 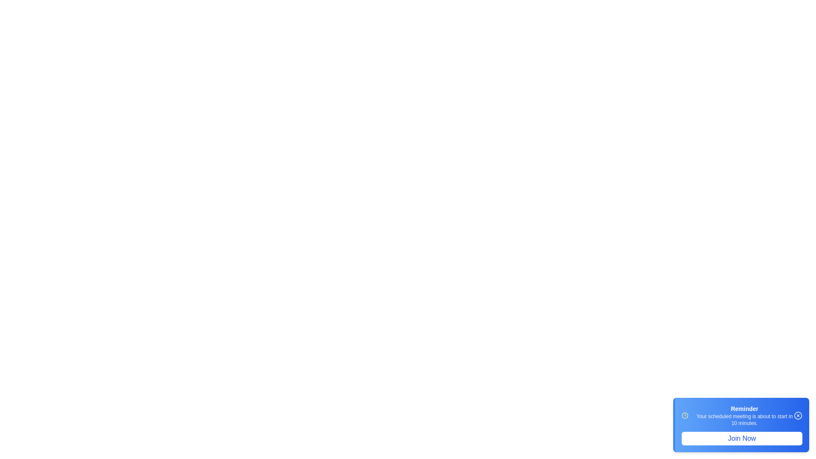 What do you see at coordinates (742, 439) in the screenshot?
I see `the 'Join Now' button to join the meeting` at bounding box center [742, 439].